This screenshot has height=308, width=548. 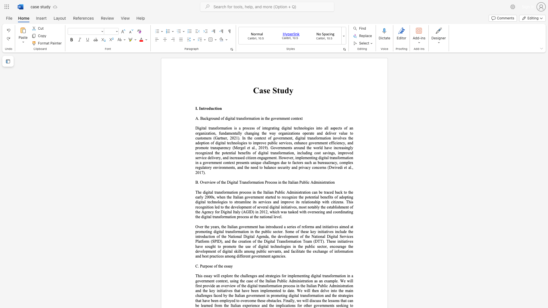 I want to click on the subset text "ion" within the text "I. Introduction", so click(x=216, y=108).